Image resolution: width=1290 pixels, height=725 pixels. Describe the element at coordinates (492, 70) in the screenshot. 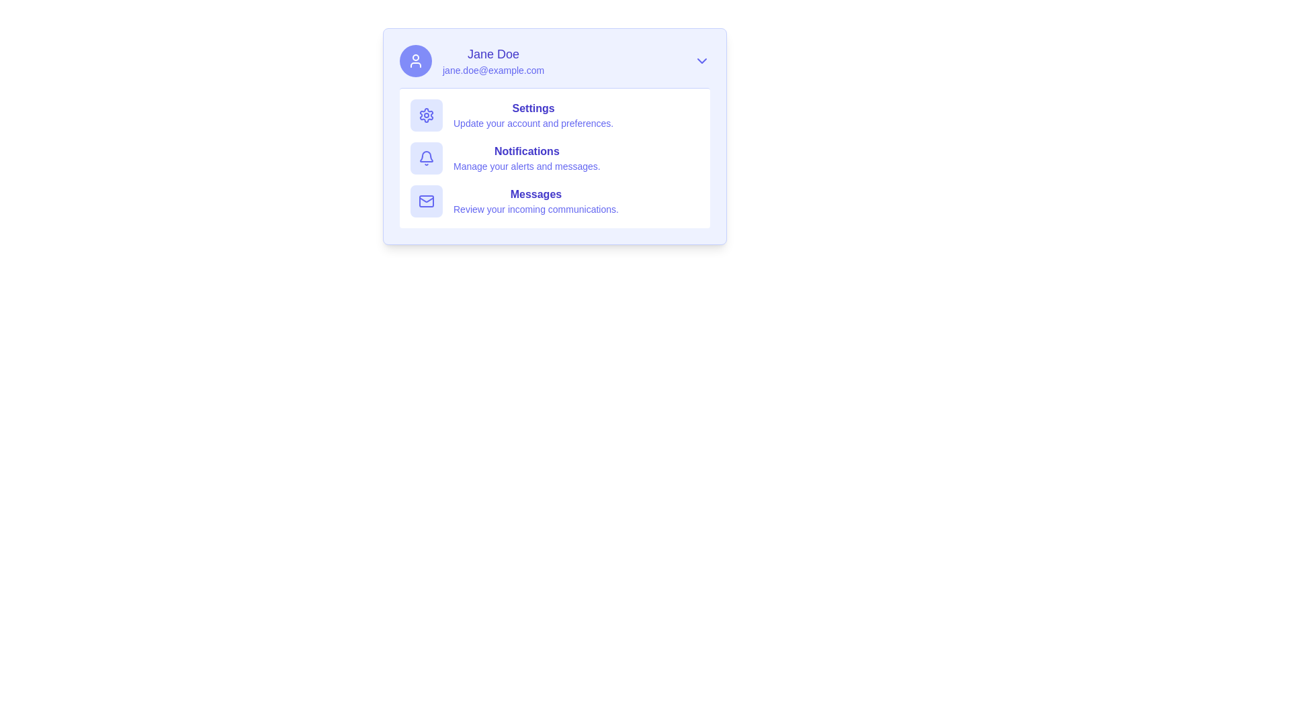

I see `the static text displaying the user's email address by navigating through the keyboard in the user profile interface` at that location.